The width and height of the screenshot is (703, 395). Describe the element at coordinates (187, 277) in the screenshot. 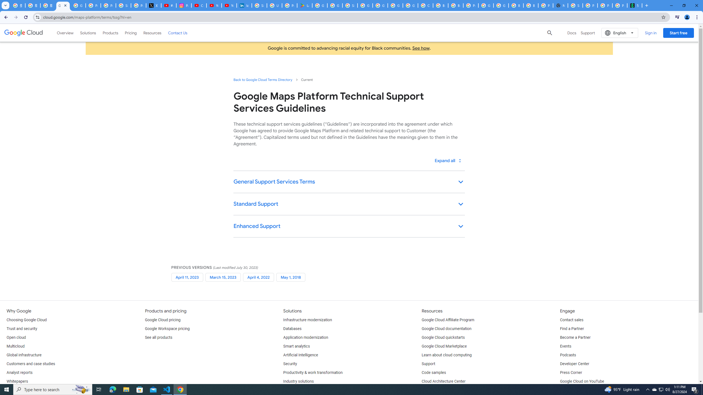

I see `'April 11, 2023'` at that location.